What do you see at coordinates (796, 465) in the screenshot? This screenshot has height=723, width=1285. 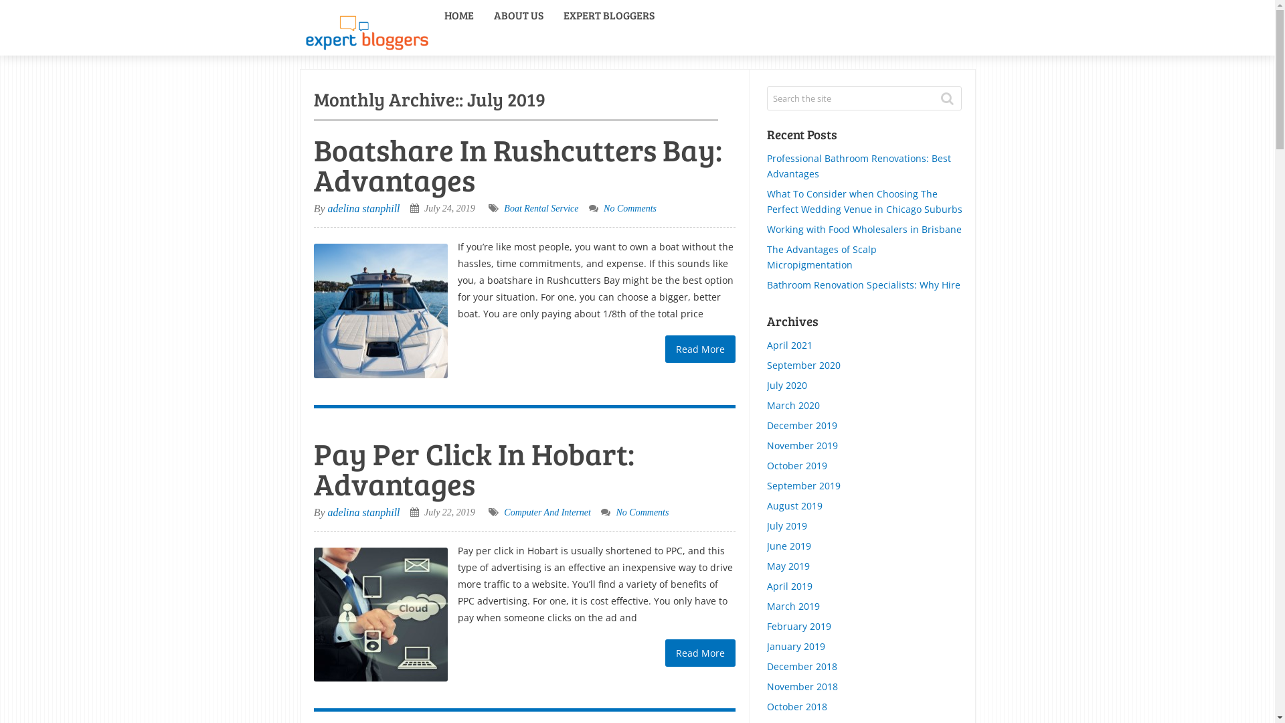 I see `'October 2019'` at bounding box center [796, 465].